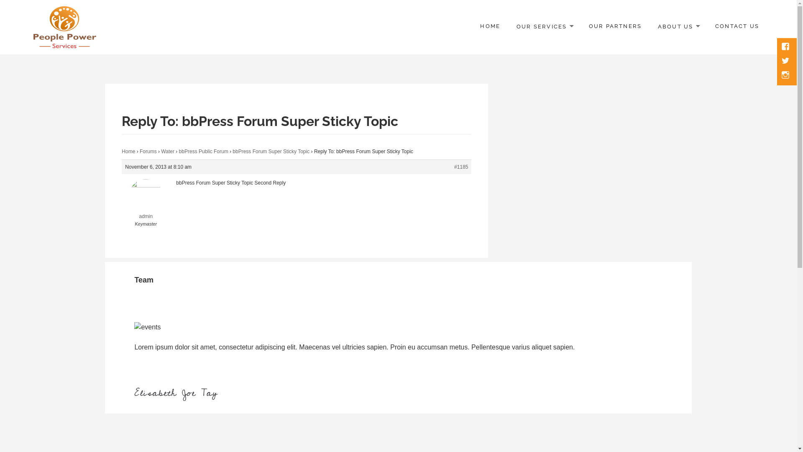  Describe the element at coordinates (786, 47) in the screenshot. I see `'Facebook'` at that location.